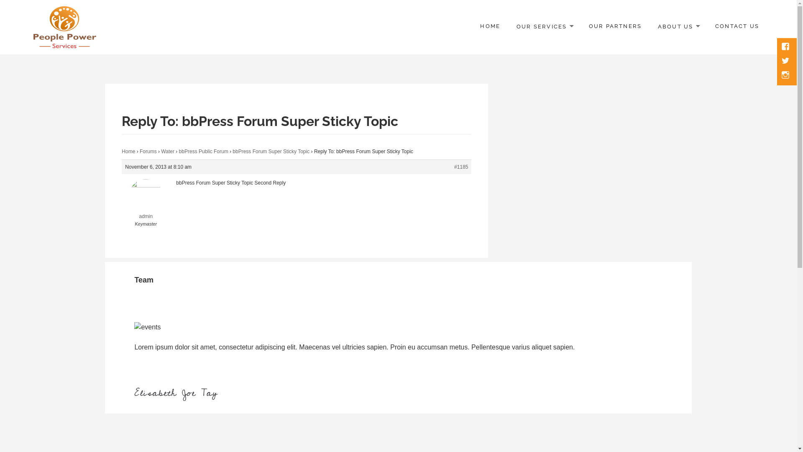  Describe the element at coordinates (786, 47) in the screenshot. I see `'Facebook'` at that location.